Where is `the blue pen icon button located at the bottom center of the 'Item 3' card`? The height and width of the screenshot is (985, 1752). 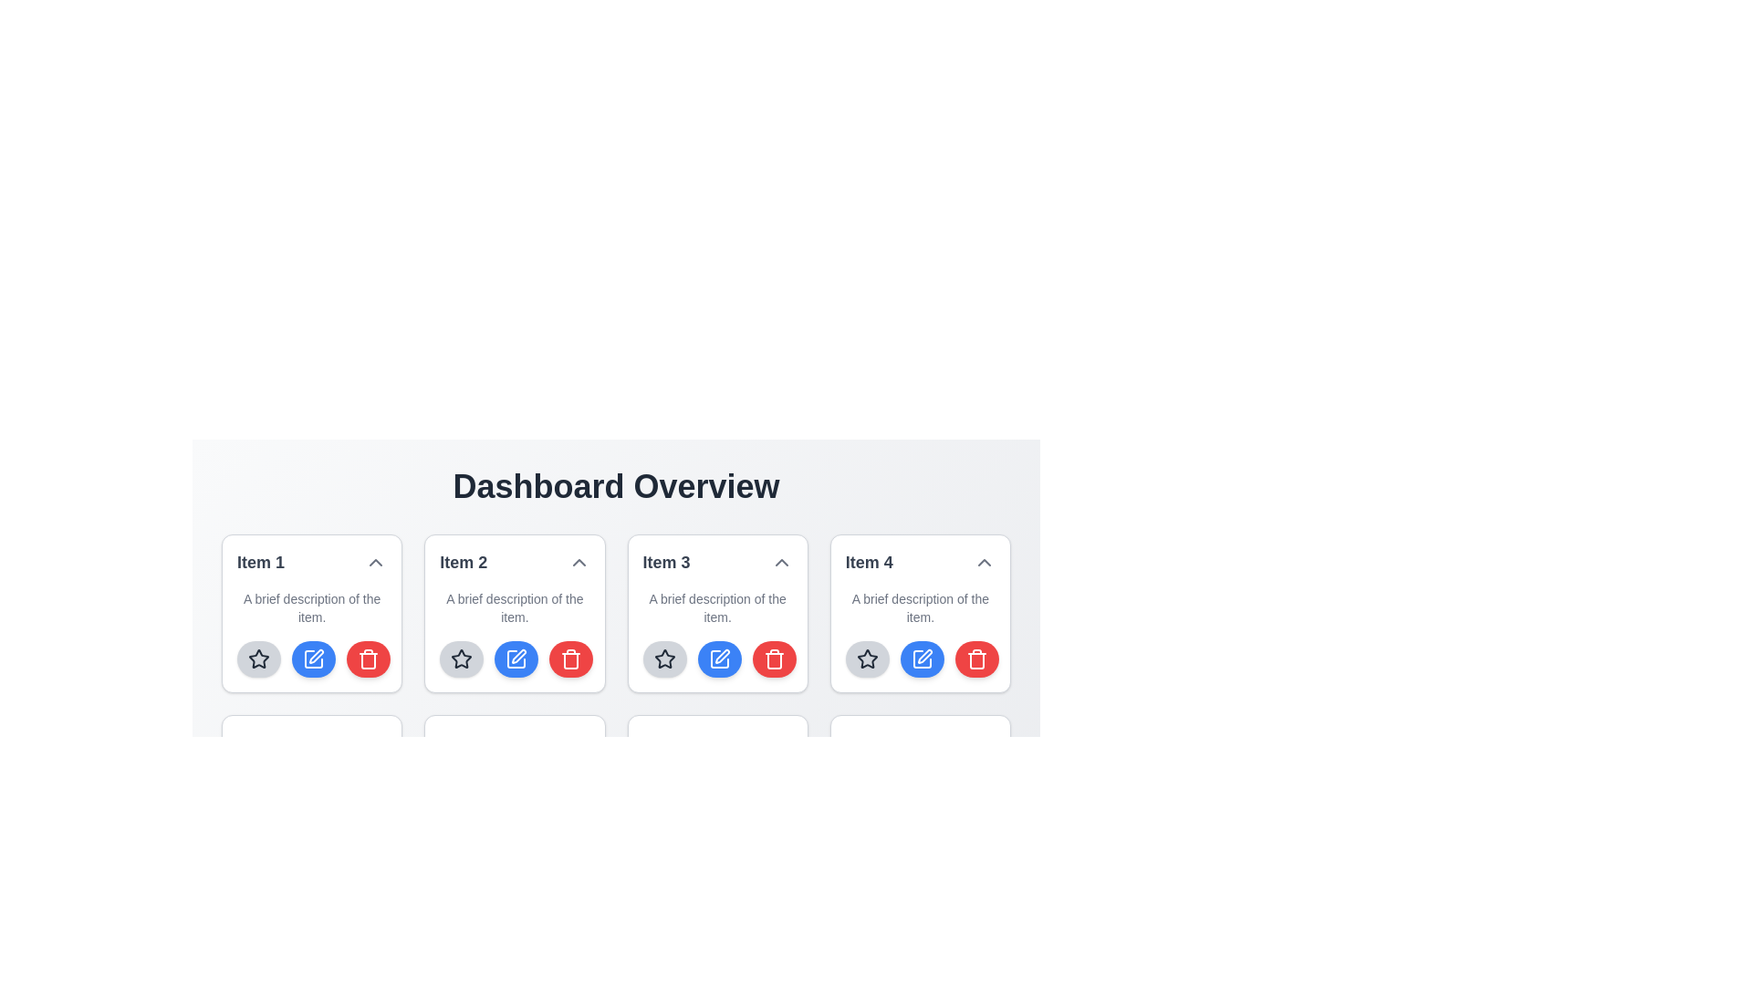 the blue pen icon button located at the bottom center of the 'Item 3' card is located at coordinates (718, 658).